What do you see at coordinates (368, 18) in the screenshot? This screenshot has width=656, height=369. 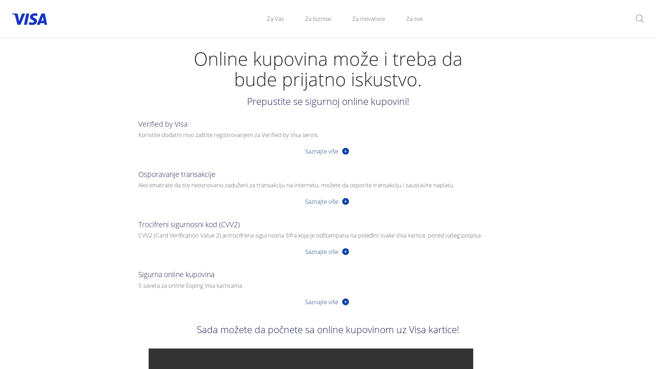 I see `Za inovatore` at bounding box center [368, 18].